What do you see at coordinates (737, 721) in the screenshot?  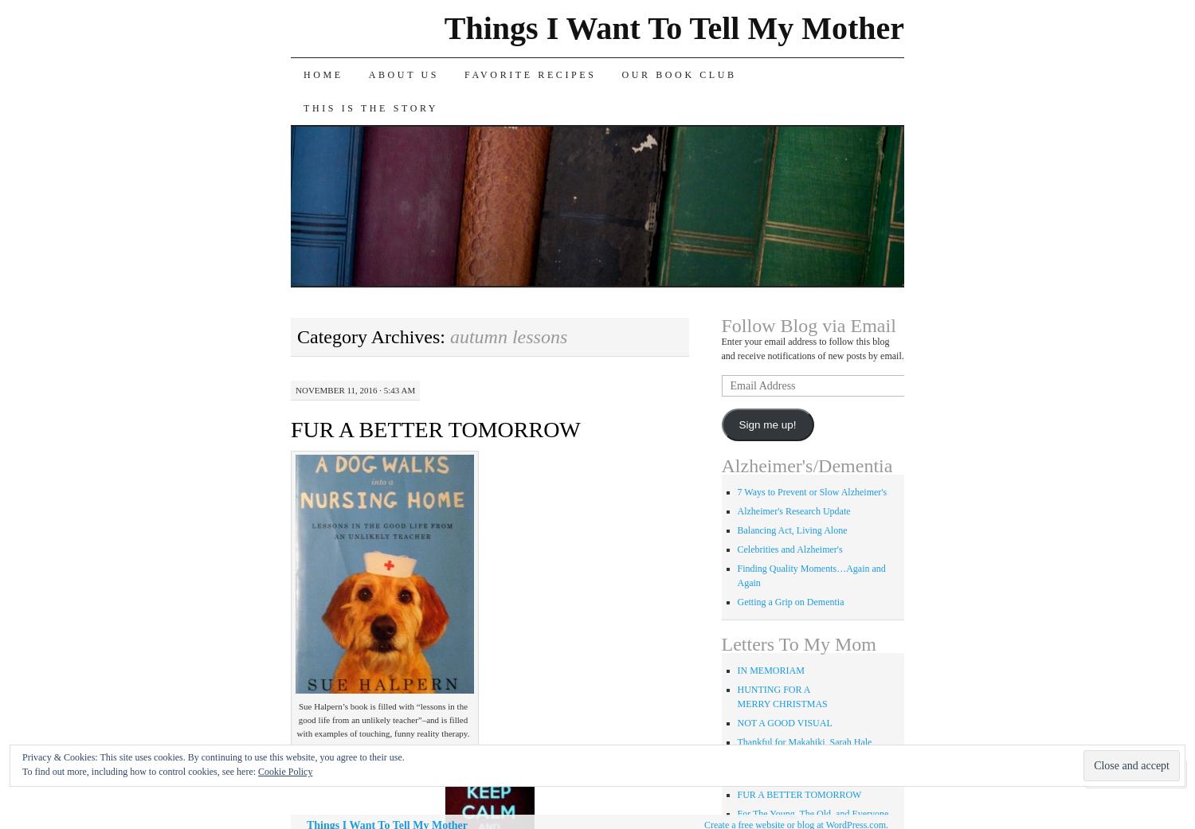 I see `'NOT A GOOD VISUAL'` at bounding box center [737, 721].